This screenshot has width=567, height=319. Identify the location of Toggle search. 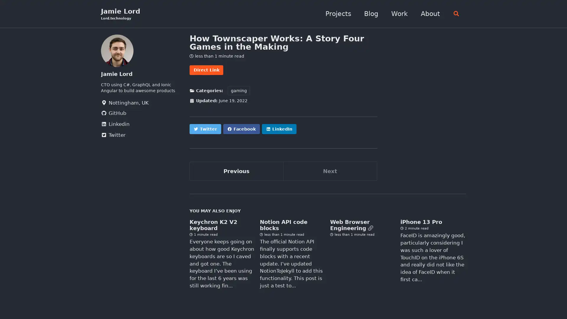
(454, 14).